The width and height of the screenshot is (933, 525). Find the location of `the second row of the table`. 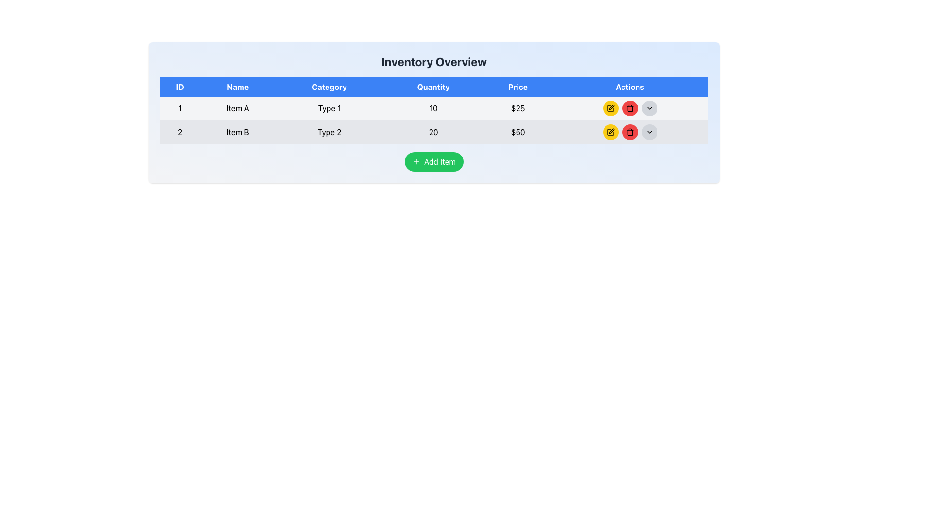

the second row of the table is located at coordinates (433, 132).